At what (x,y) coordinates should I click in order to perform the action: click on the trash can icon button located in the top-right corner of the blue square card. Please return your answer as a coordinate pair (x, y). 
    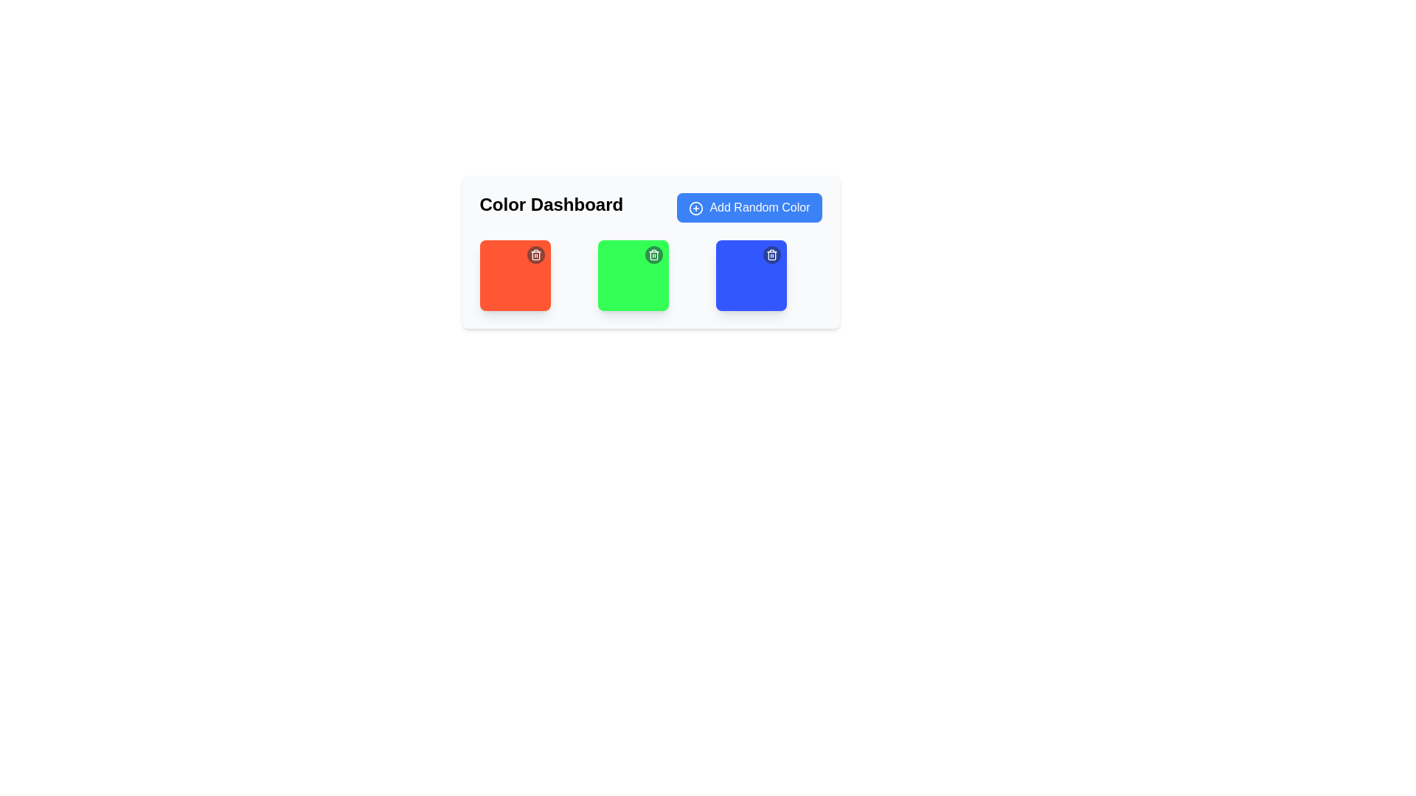
    Looking at the image, I should click on (771, 254).